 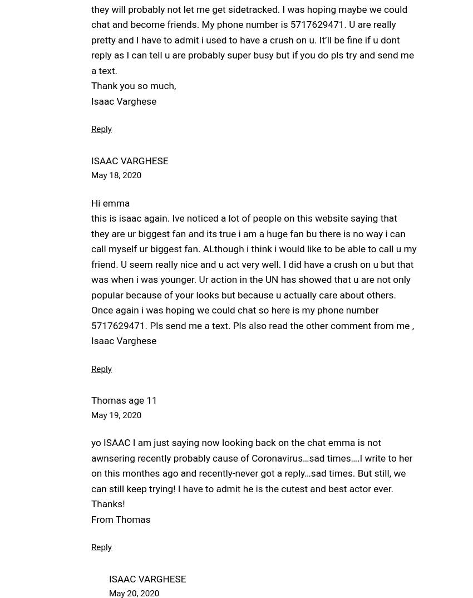 What do you see at coordinates (91, 85) in the screenshot?
I see `'Thank you so much,'` at bounding box center [91, 85].